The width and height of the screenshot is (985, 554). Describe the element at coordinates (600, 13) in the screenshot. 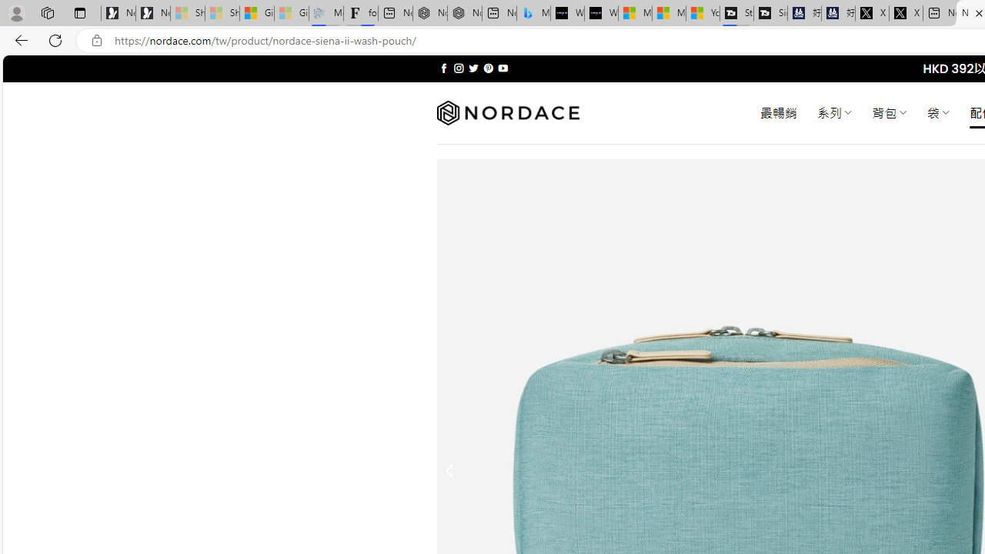

I see `'What'` at that location.